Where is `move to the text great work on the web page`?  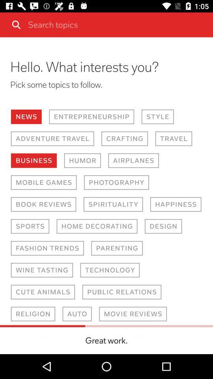
move to the text great work on the web page is located at coordinates (121, 336).